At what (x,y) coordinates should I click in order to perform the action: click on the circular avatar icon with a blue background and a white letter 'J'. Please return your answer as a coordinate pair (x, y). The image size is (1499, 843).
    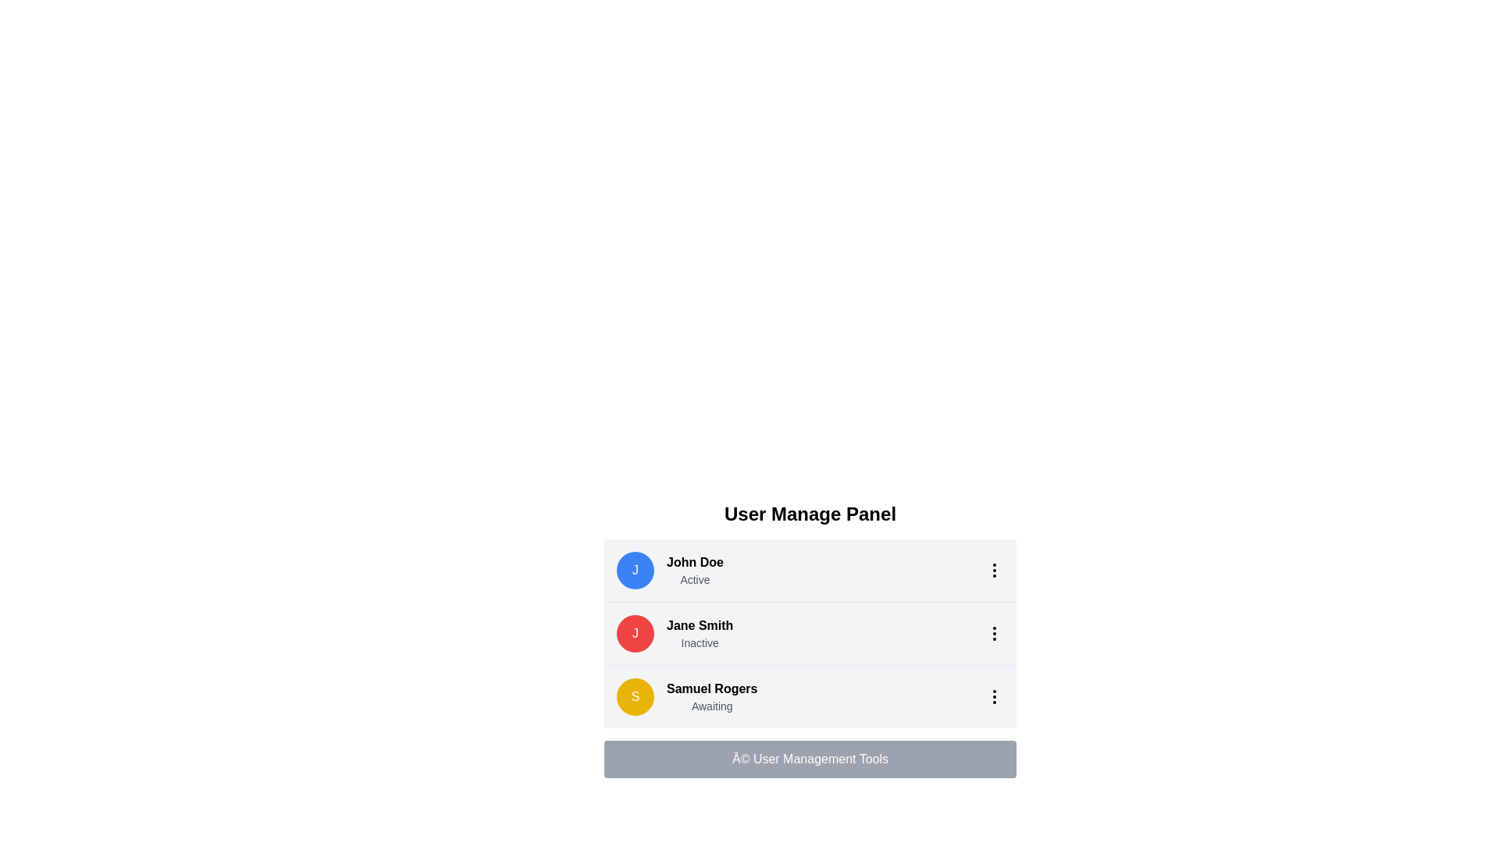
    Looking at the image, I should click on (636, 571).